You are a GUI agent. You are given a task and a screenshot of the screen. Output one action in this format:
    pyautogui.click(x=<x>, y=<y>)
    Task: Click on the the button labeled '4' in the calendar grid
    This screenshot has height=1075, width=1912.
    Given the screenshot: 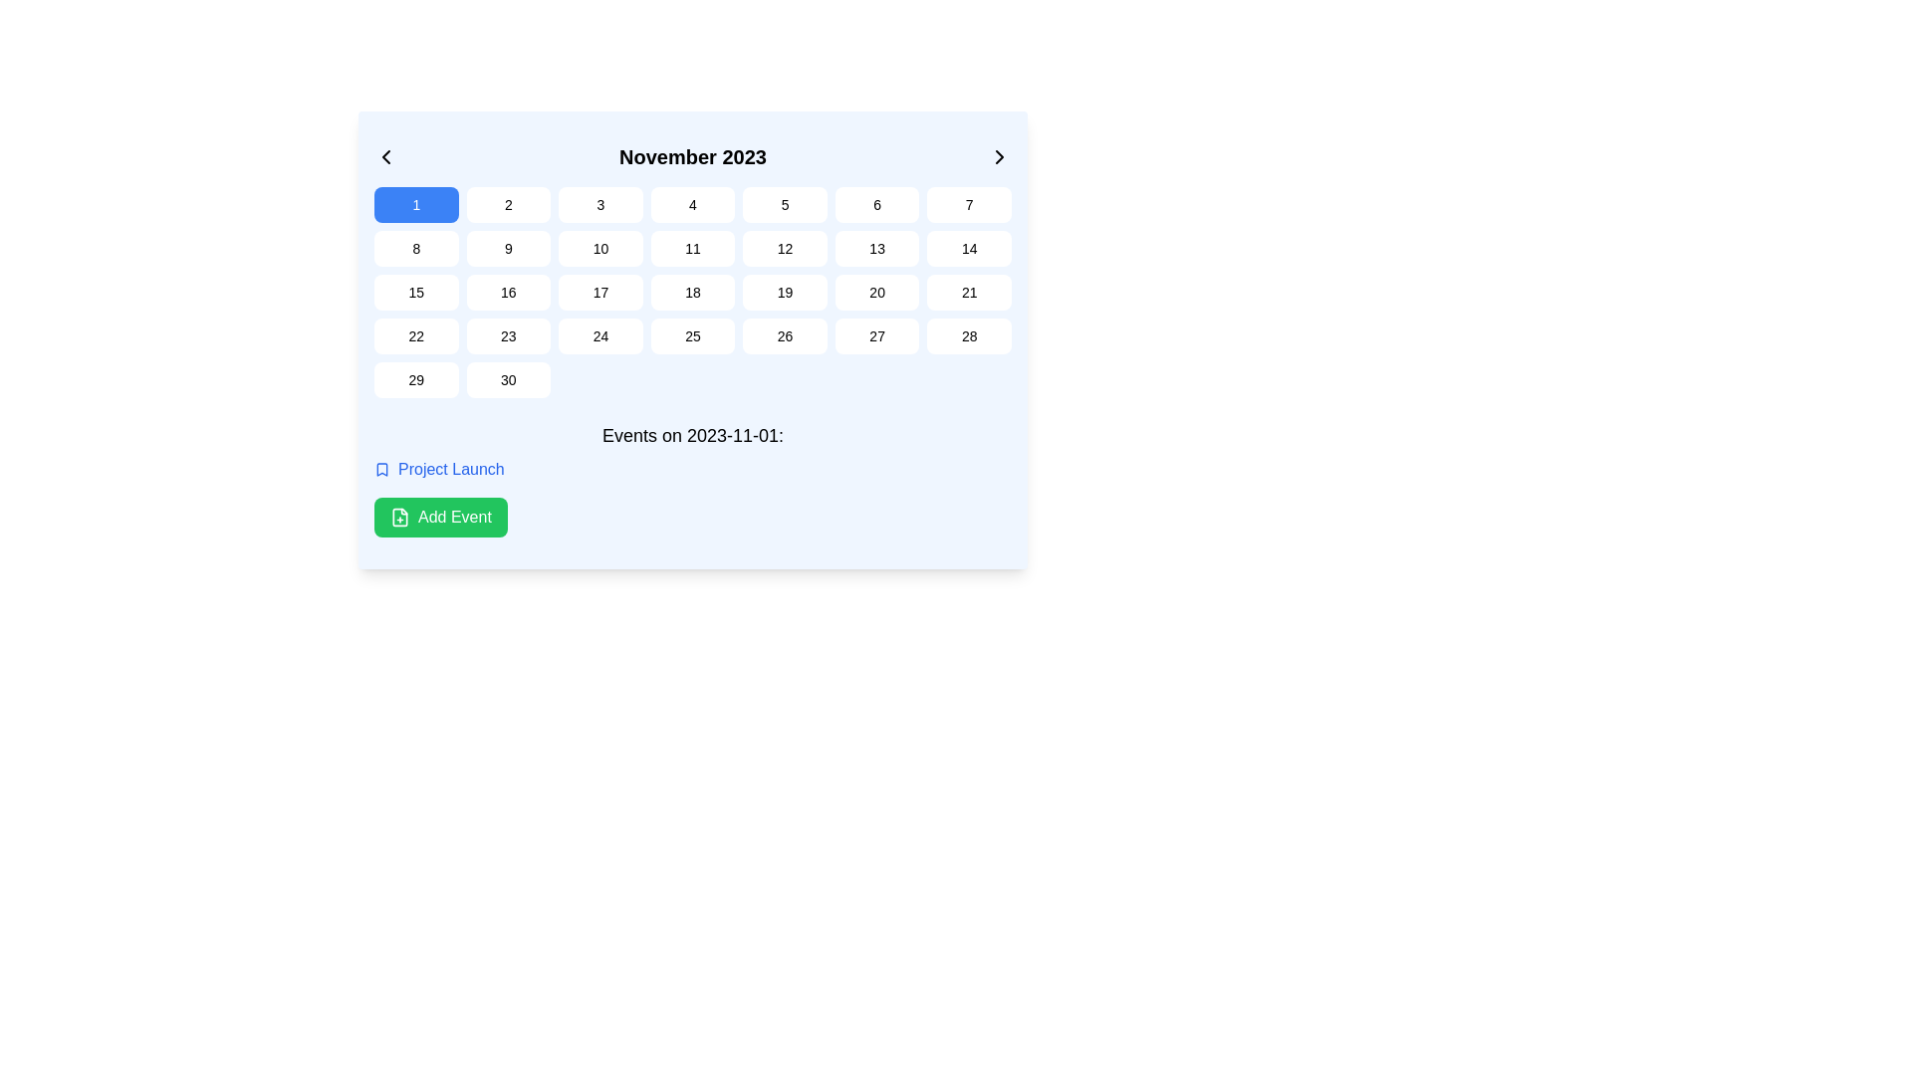 What is the action you would take?
    pyautogui.click(x=693, y=204)
    